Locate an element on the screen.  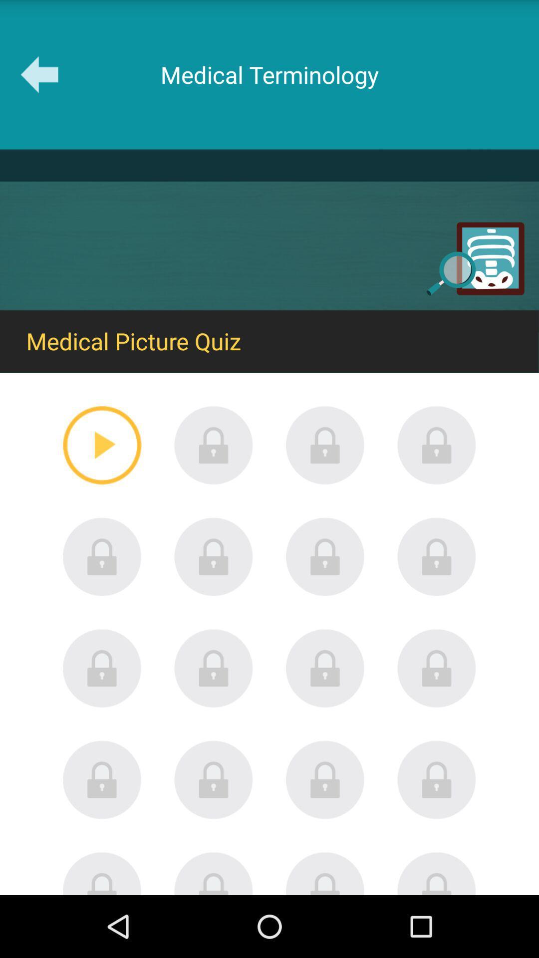
it is locked is located at coordinates (325, 873).